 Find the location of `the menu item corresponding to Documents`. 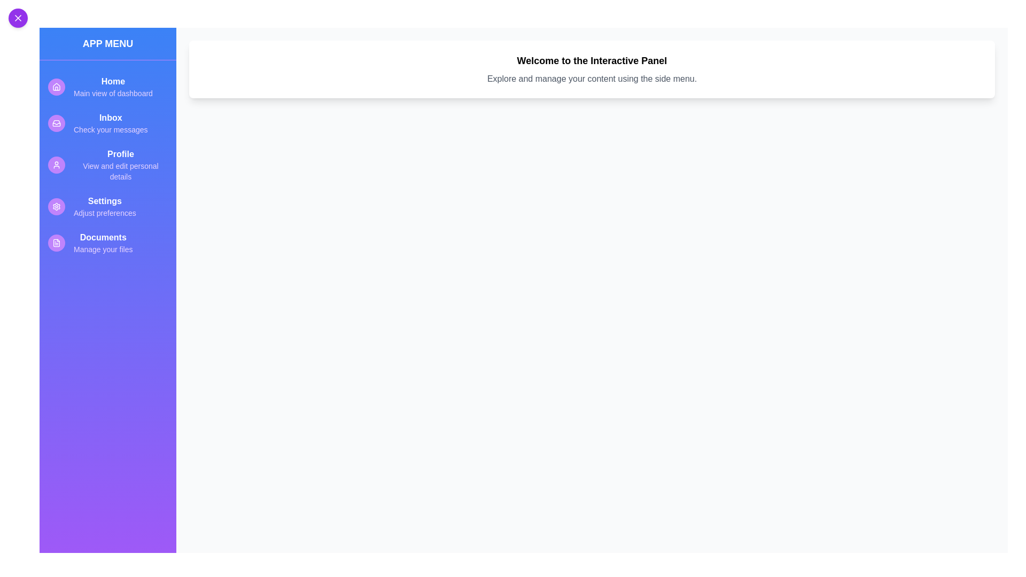

the menu item corresponding to Documents is located at coordinates (107, 243).